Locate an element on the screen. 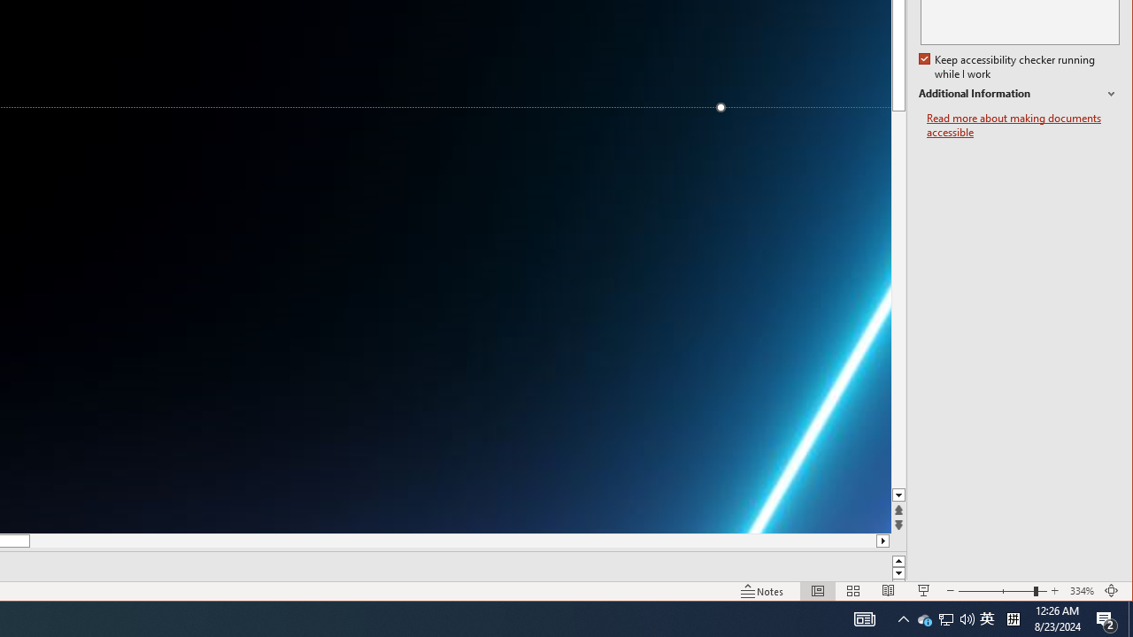 The width and height of the screenshot is (1133, 637). 'Zoom 334%' is located at coordinates (1081, 591).